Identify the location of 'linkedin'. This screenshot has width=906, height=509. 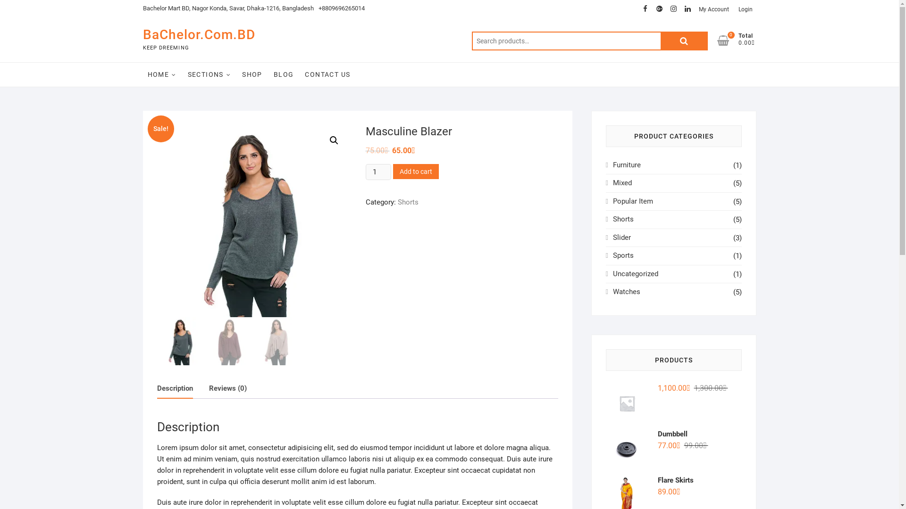
(688, 9).